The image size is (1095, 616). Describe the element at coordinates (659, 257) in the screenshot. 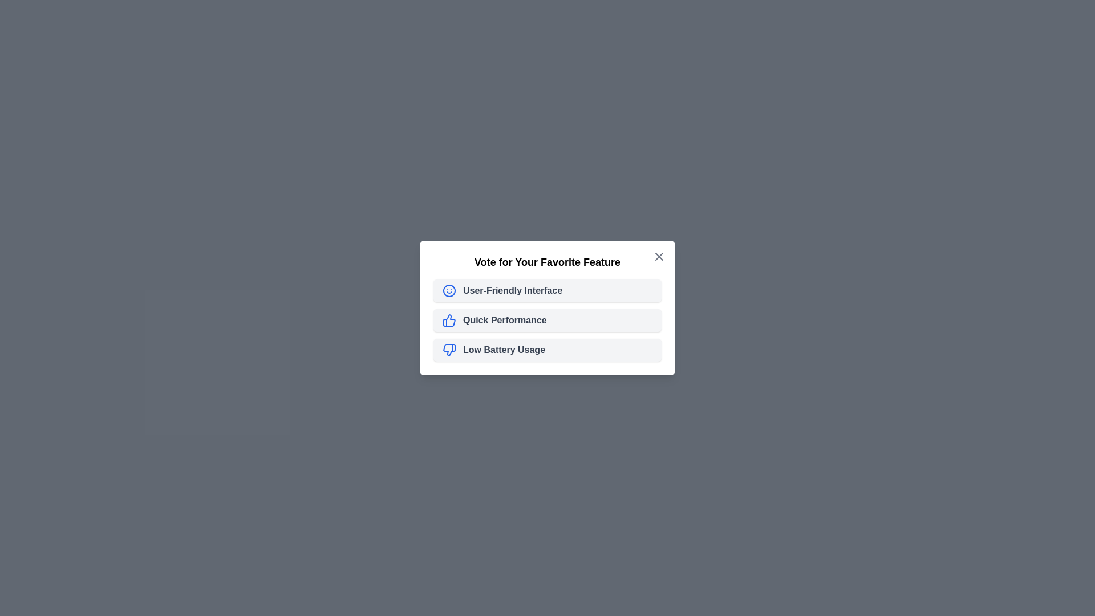

I see `the close button to close the dialog` at that location.